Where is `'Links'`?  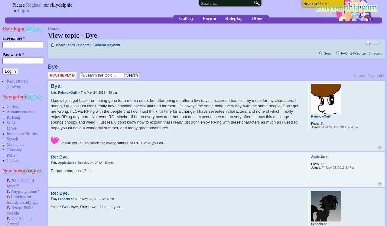
'Links' is located at coordinates (7, 128).